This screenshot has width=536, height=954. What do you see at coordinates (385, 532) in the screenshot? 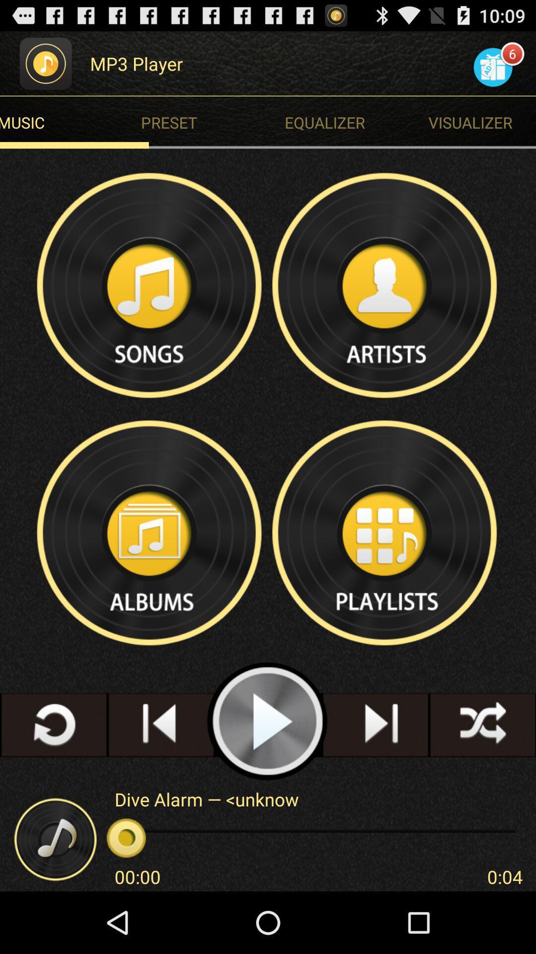
I see `show playlists` at bounding box center [385, 532].